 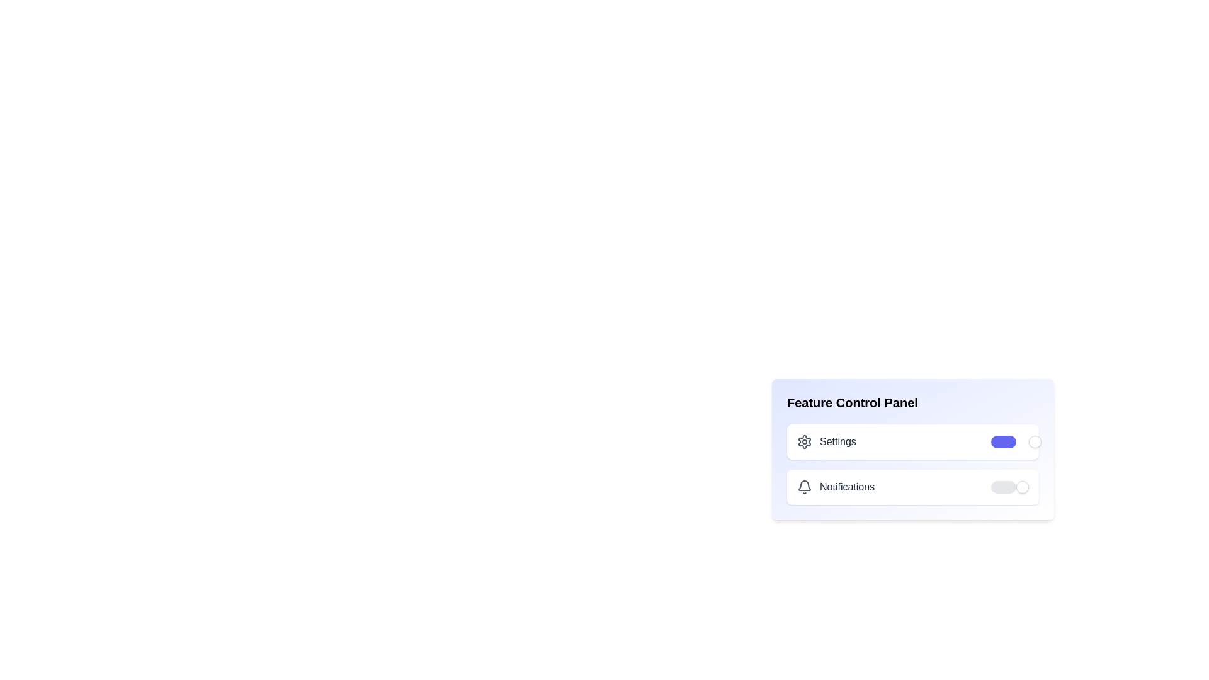 What do you see at coordinates (1009, 487) in the screenshot?
I see `the 'Notifications' toggle switch to change its state` at bounding box center [1009, 487].